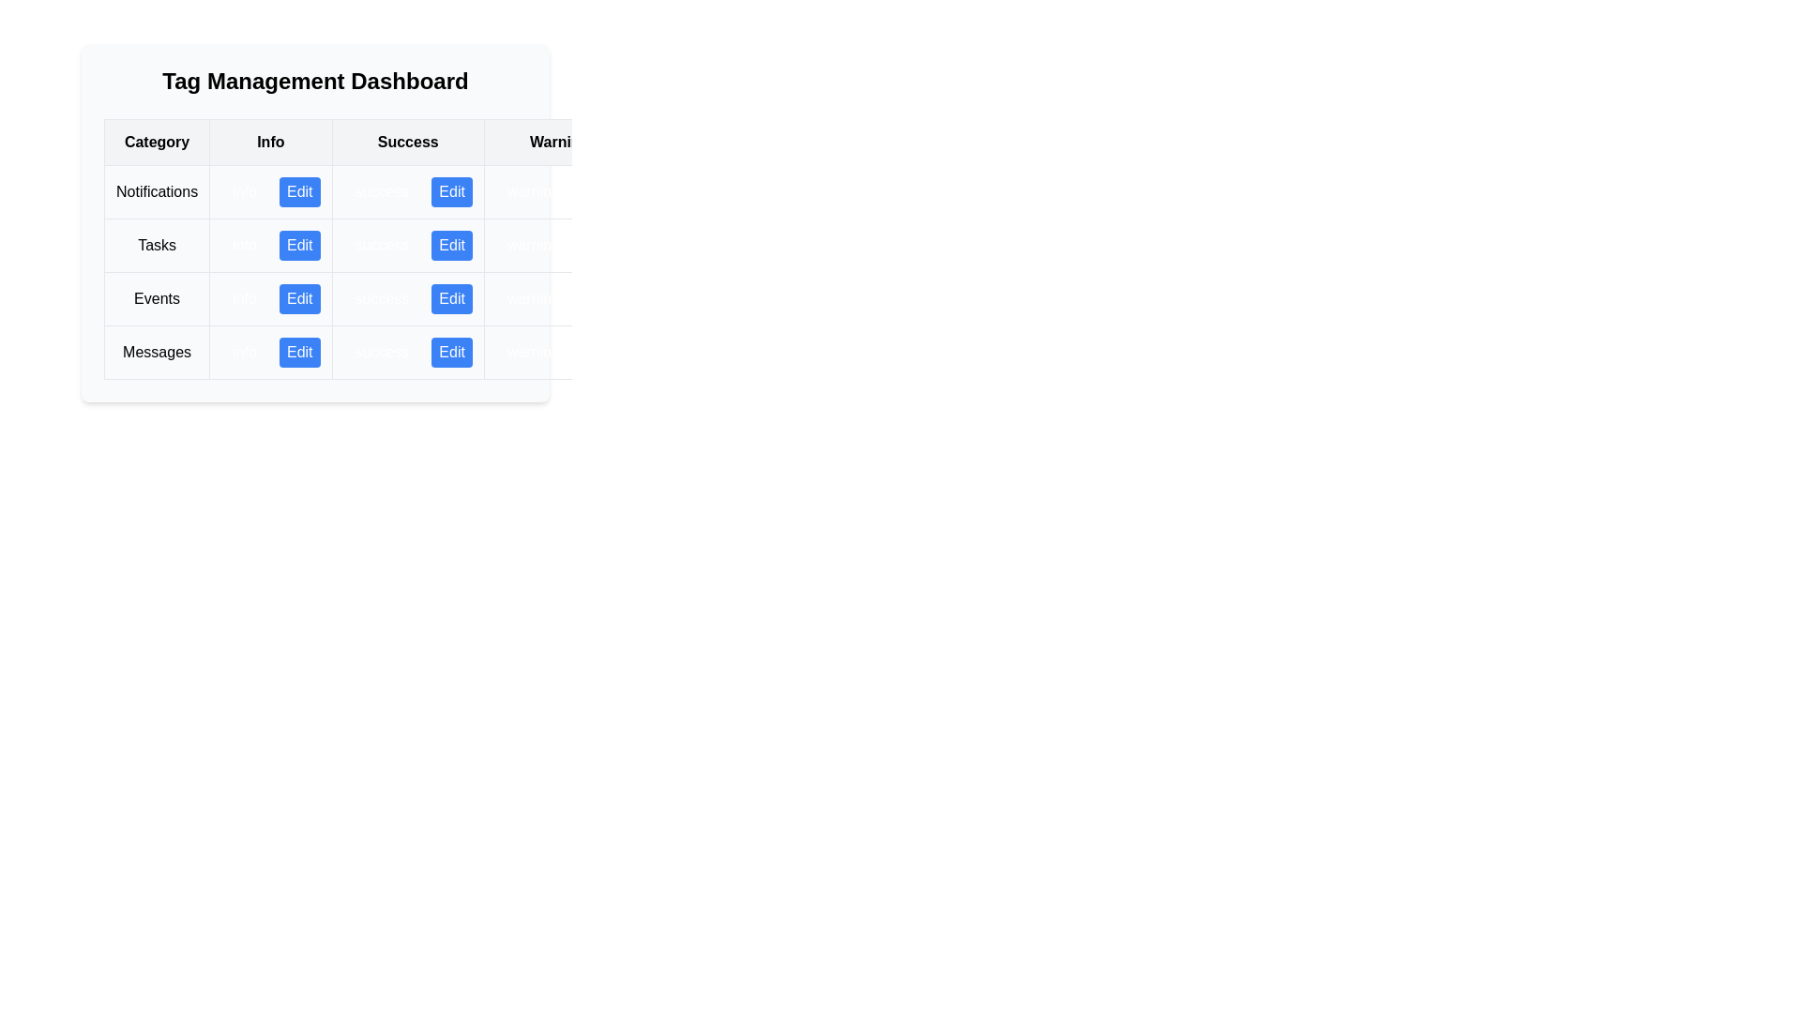 This screenshot has width=1801, height=1013. I want to click on the 'Edit' button which is a blue rounded rectangle located next to the 'warning' badge in the 'Tasks' row under the 'Warning' column, so click(558, 245).